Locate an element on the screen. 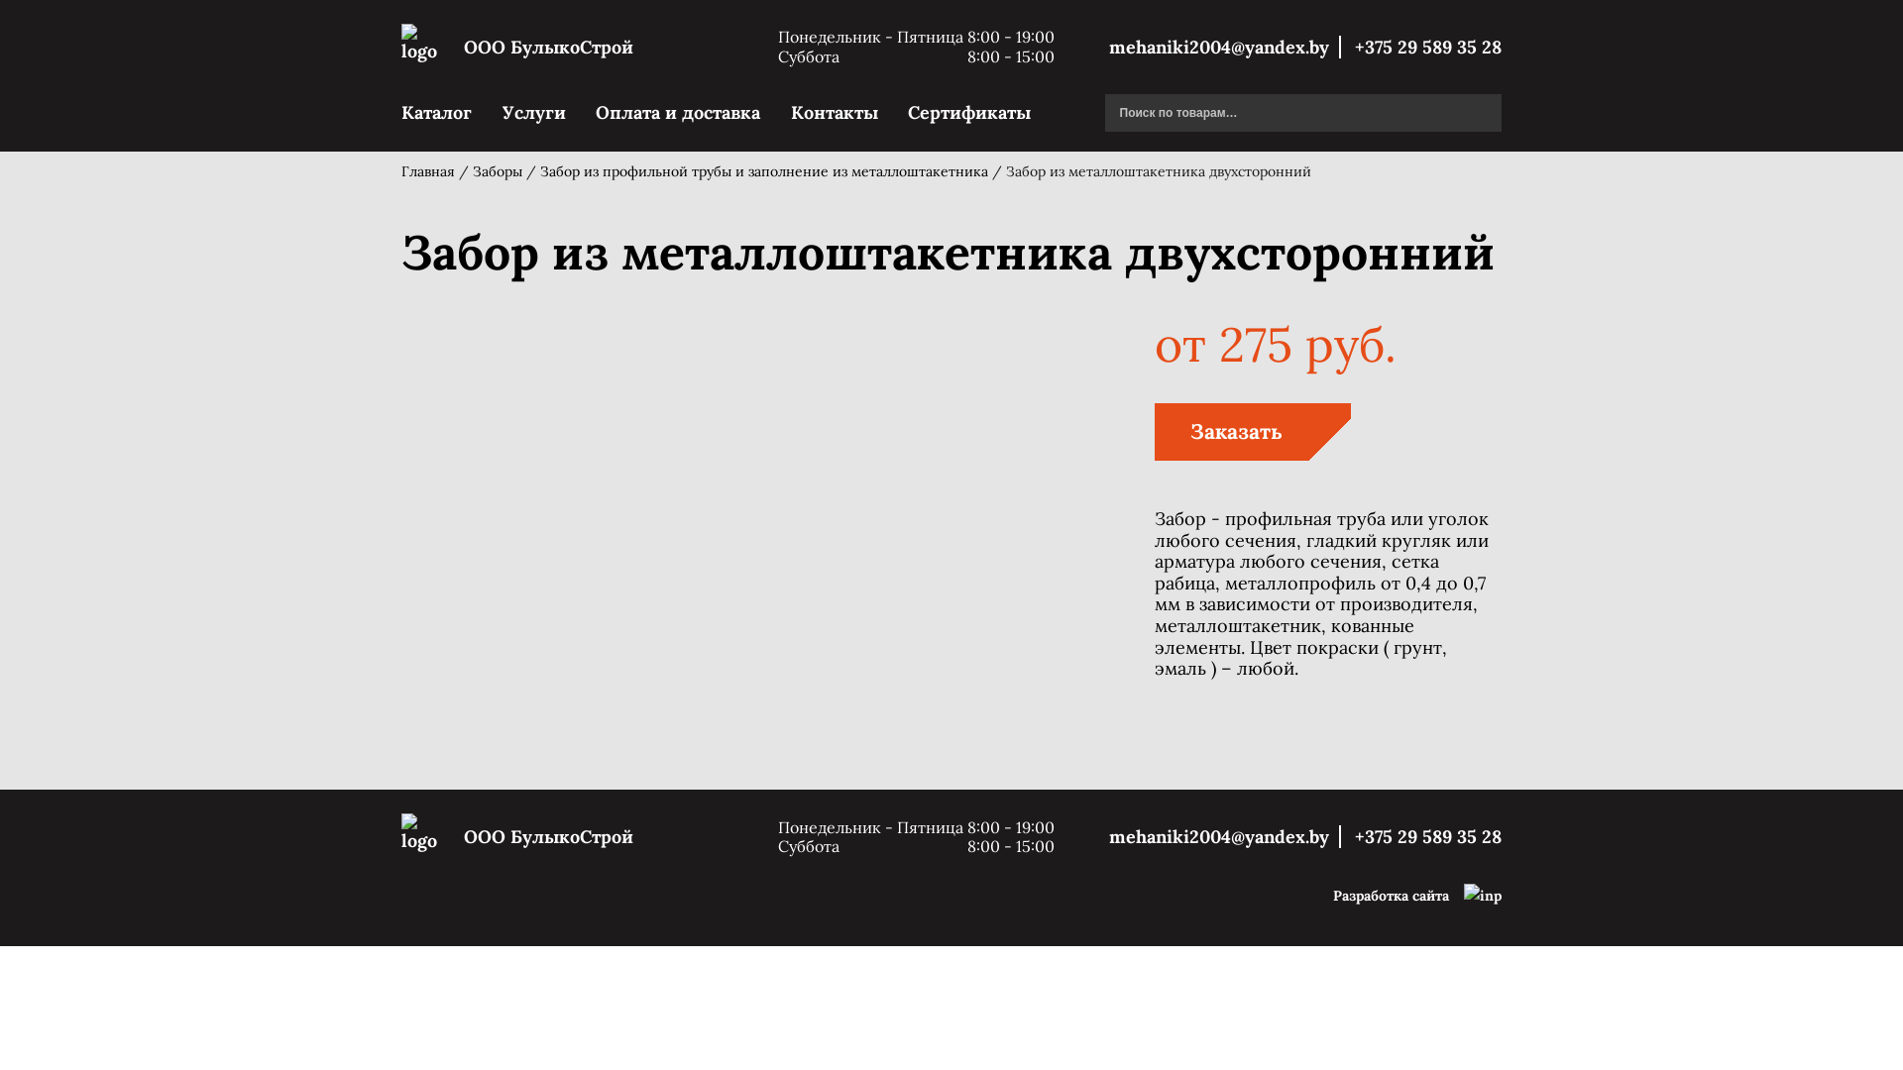  '+375 29 589 35 28' is located at coordinates (1421, 836).